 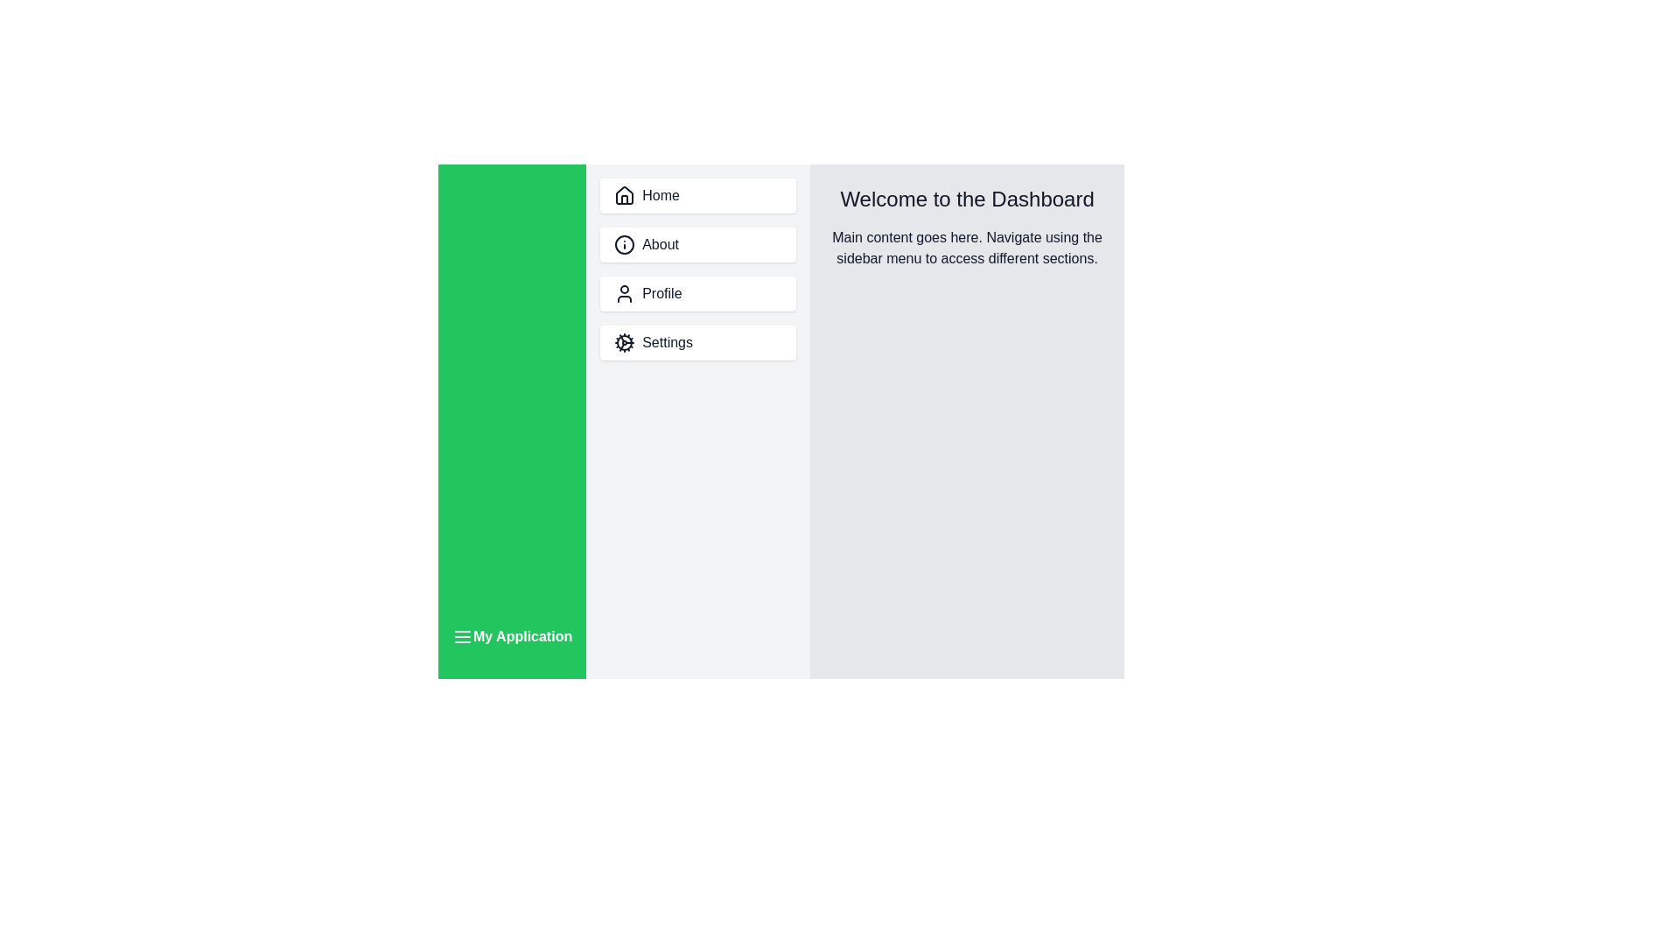 What do you see at coordinates (965, 637) in the screenshot?
I see `the main content area` at bounding box center [965, 637].